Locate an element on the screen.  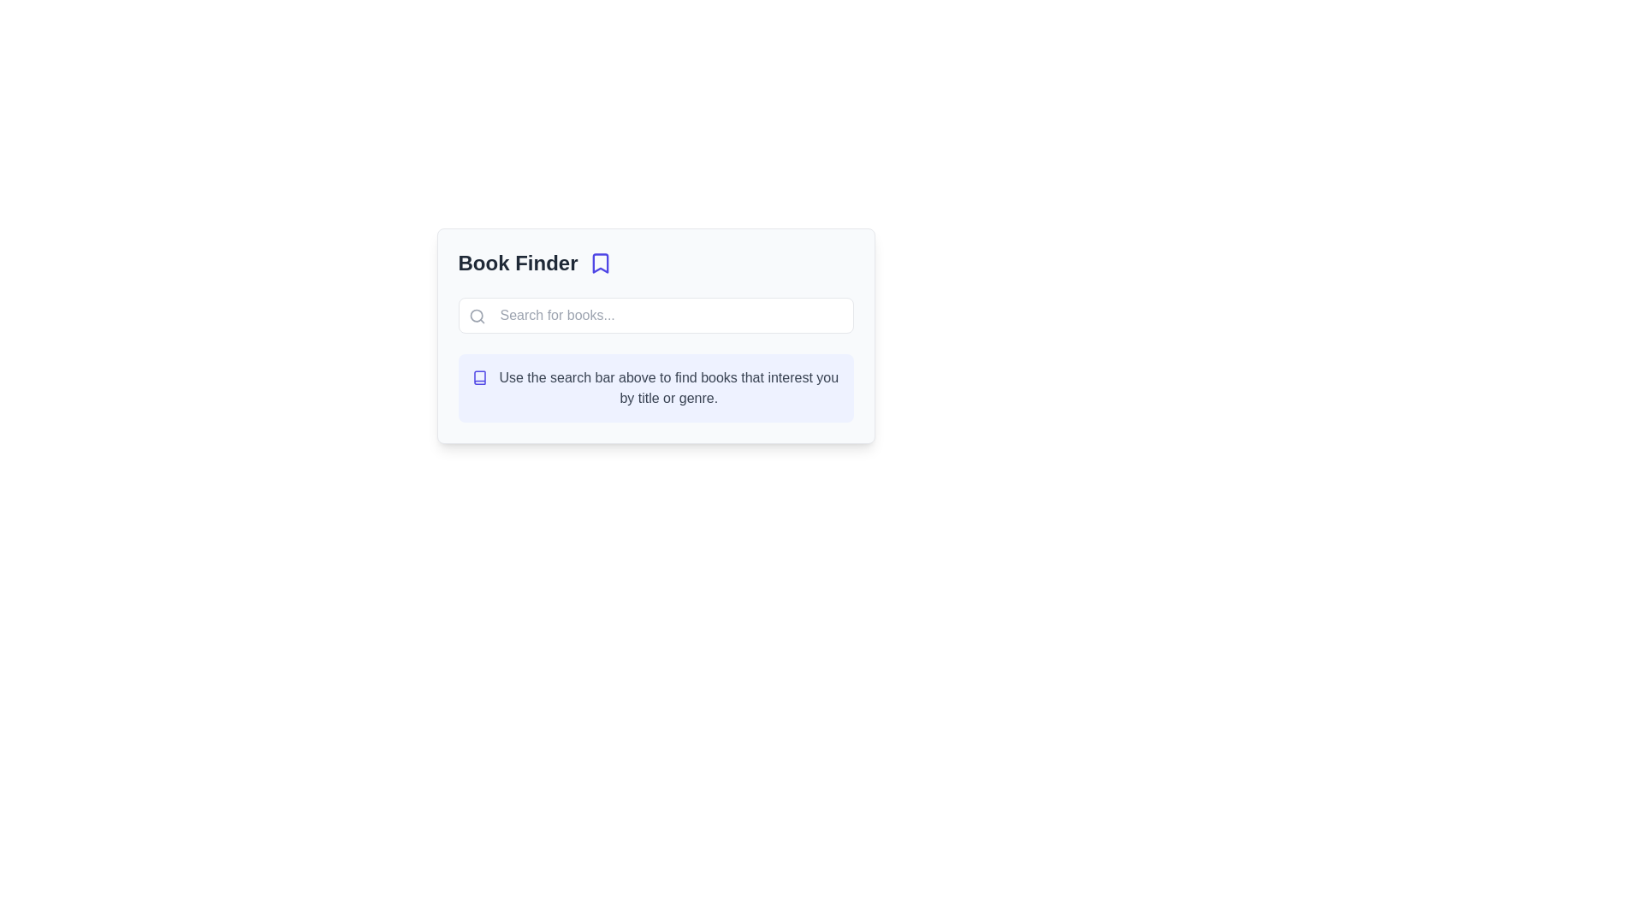
the bookmark icon, which is shaped like a bookmark with a pointed bottom and a cutout on its top edge, located next to the 'Book Finder' label is located at coordinates (600, 264).